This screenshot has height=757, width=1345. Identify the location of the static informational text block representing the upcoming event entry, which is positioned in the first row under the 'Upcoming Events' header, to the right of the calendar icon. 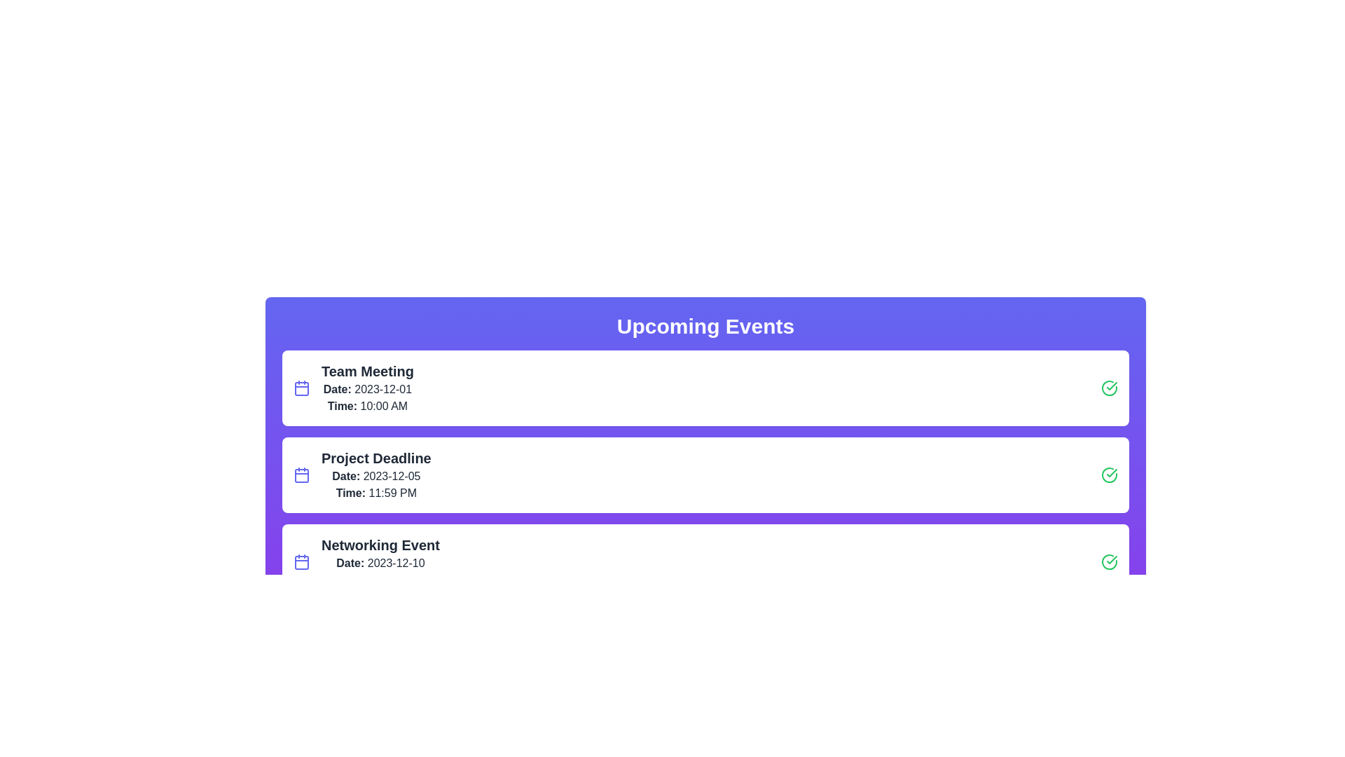
(367, 388).